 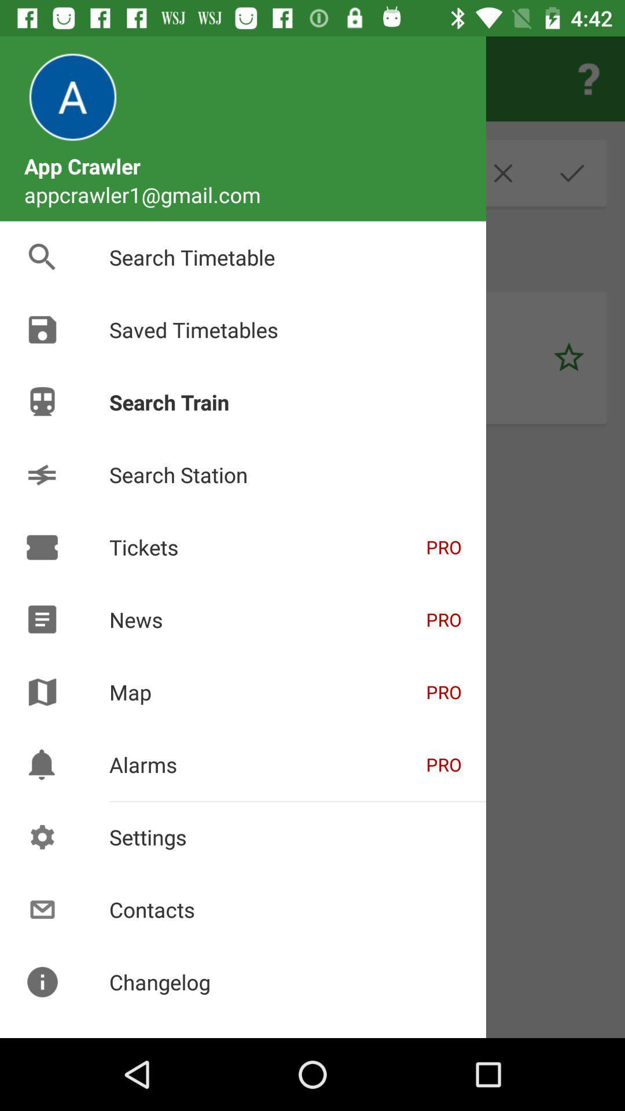 What do you see at coordinates (571, 172) in the screenshot?
I see `the check icon` at bounding box center [571, 172].